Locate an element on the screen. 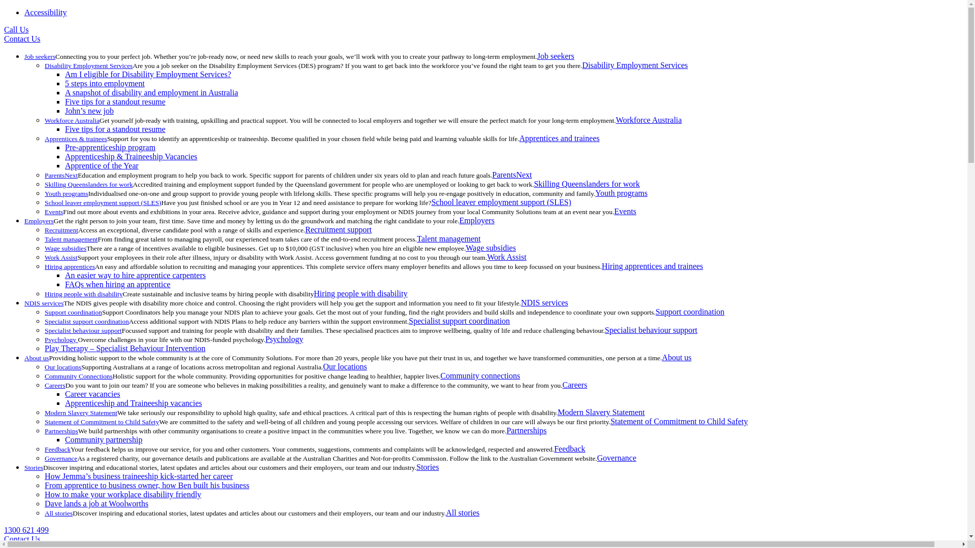 The image size is (975, 548). 'Contact Us' is located at coordinates (22, 38).